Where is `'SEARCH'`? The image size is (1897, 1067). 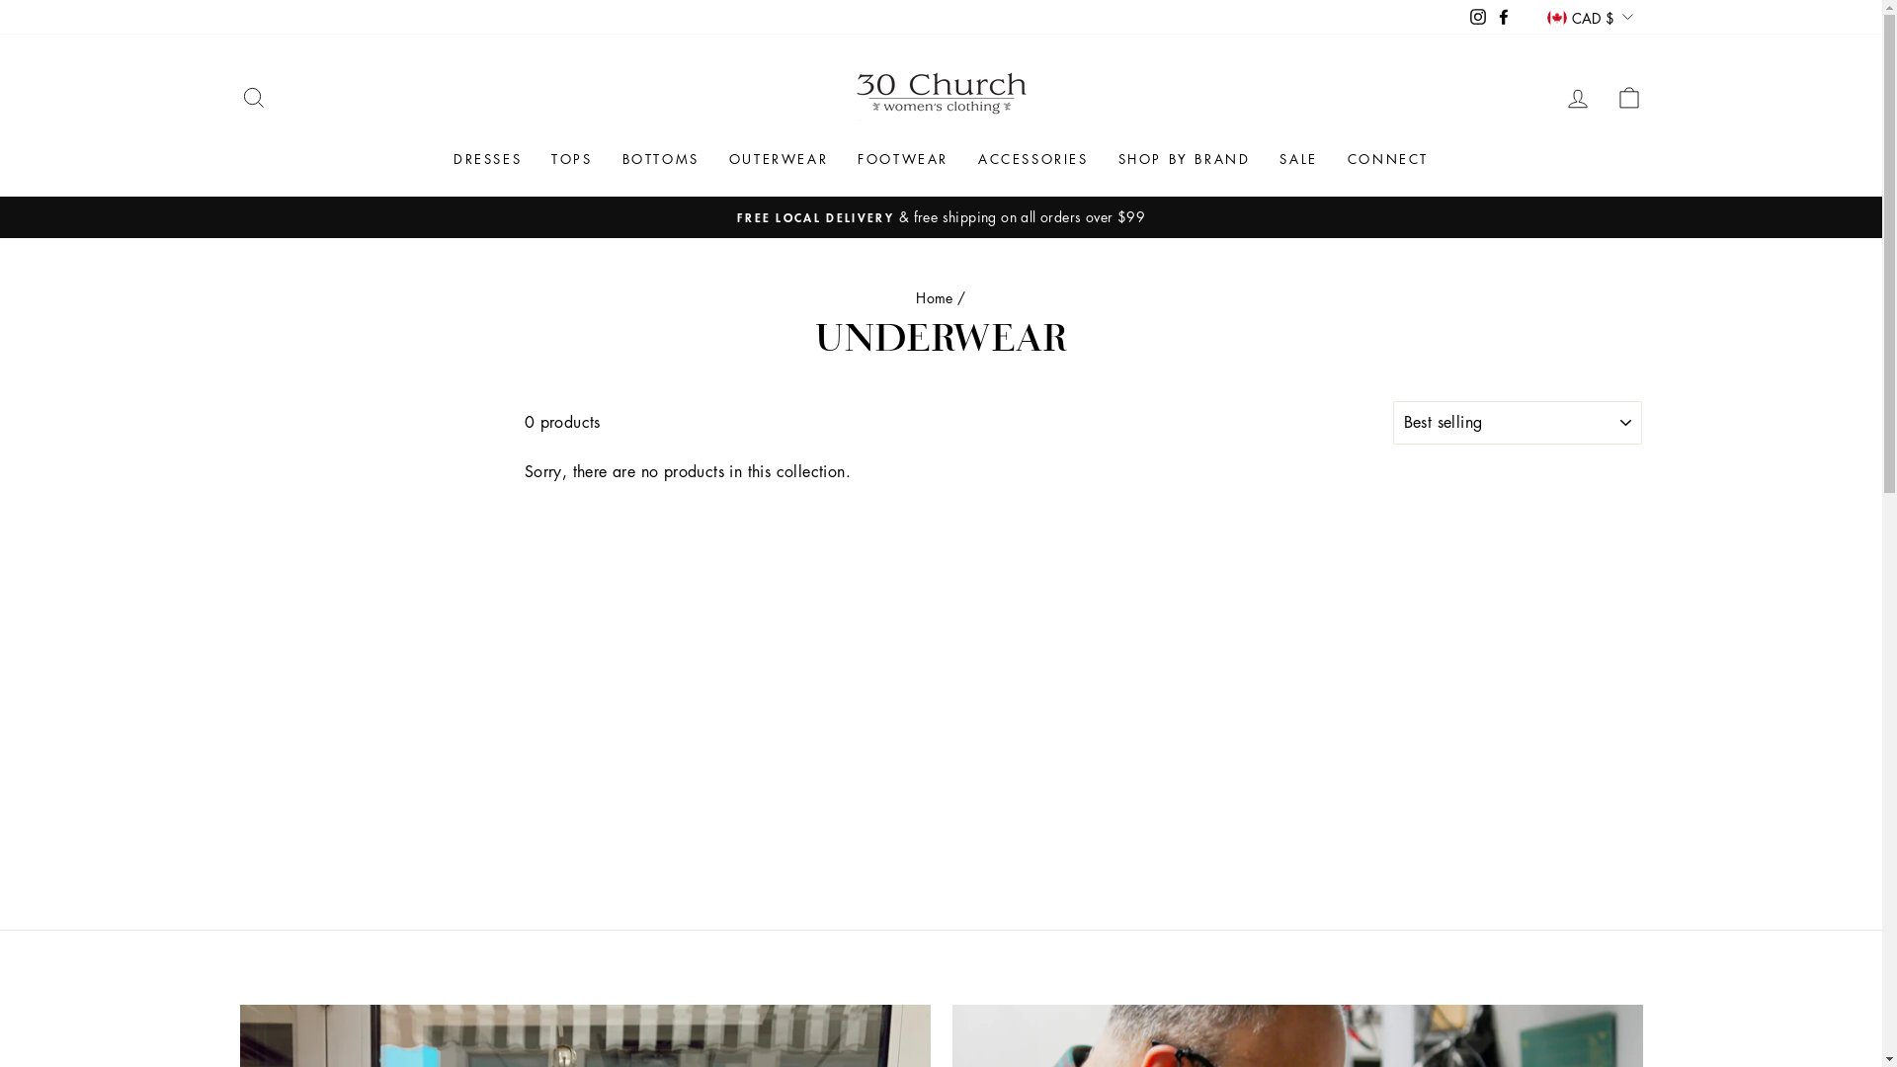
'SEARCH' is located at coordinates (227, 98).